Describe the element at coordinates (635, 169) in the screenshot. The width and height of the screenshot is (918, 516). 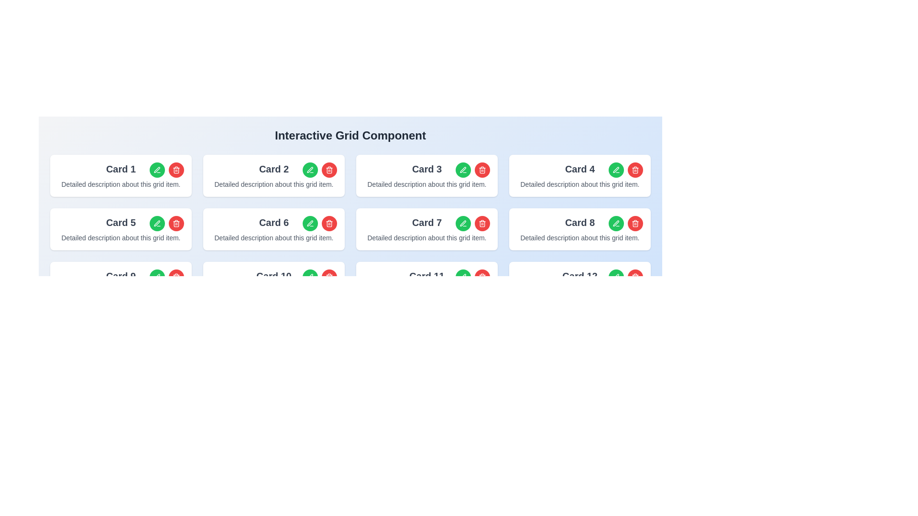
I see `the delete icon button located inside 'Card 4' at the second row and fourth column of the grid` at that location.